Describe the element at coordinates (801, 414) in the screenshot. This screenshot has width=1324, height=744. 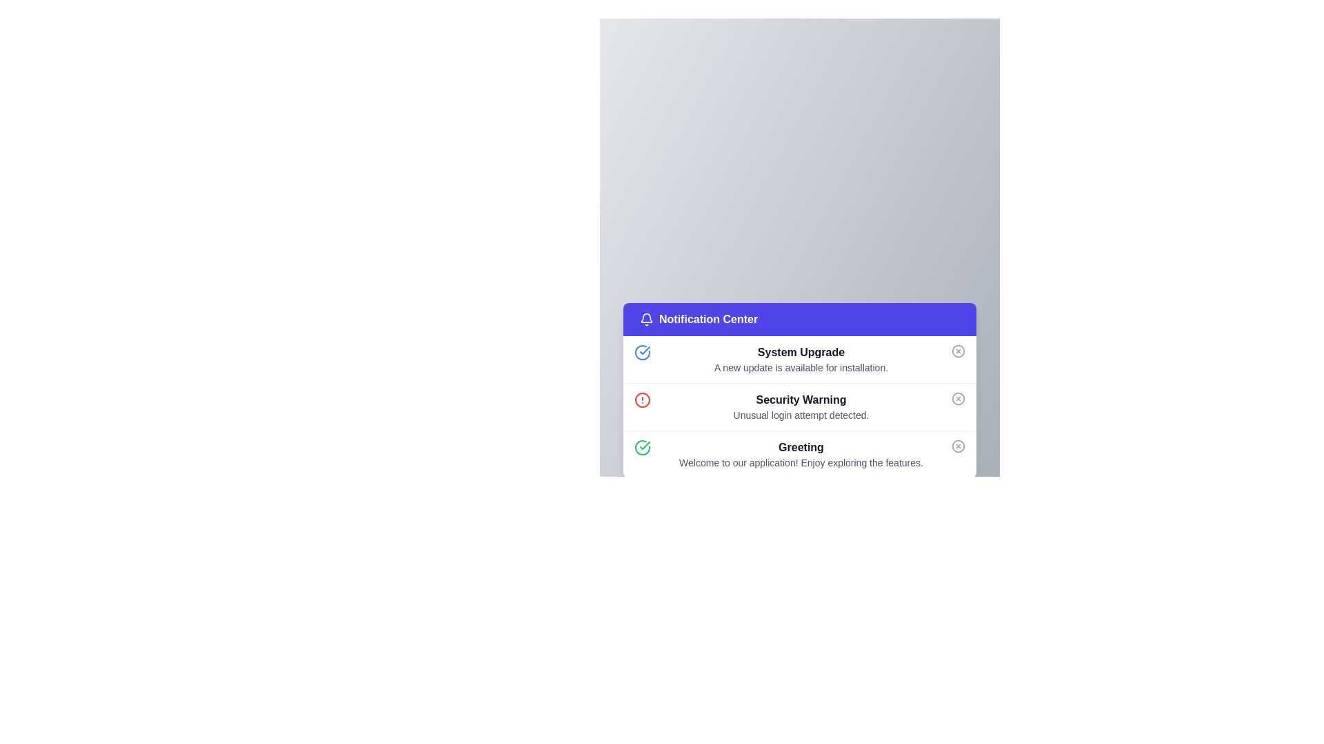
I see `non-interactive text label that says 'Unusual login attempt detected.' located beneath the 'Security Warning' heading` at that location.